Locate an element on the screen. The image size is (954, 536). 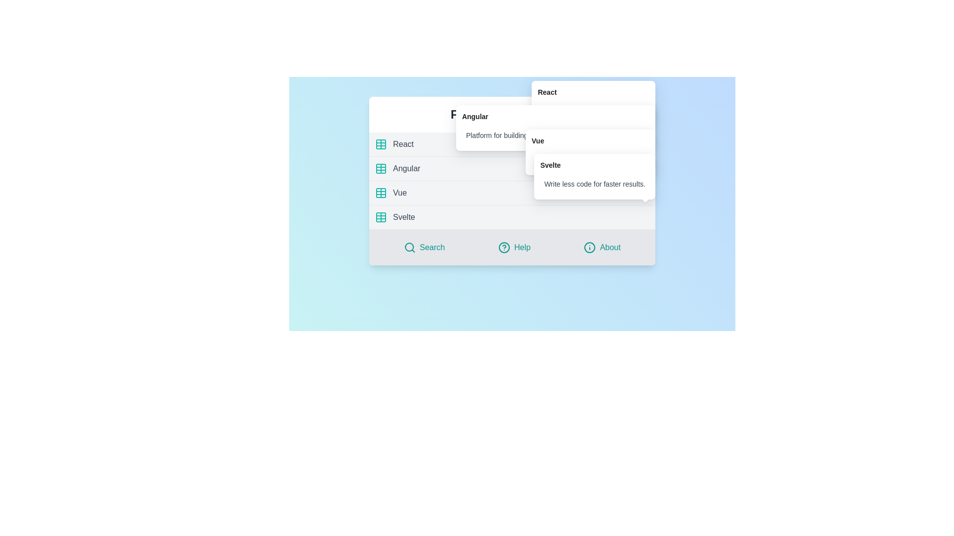
the 'React' text label, which serves as the first menu item in a list of options is located at coordinates (403, 144).